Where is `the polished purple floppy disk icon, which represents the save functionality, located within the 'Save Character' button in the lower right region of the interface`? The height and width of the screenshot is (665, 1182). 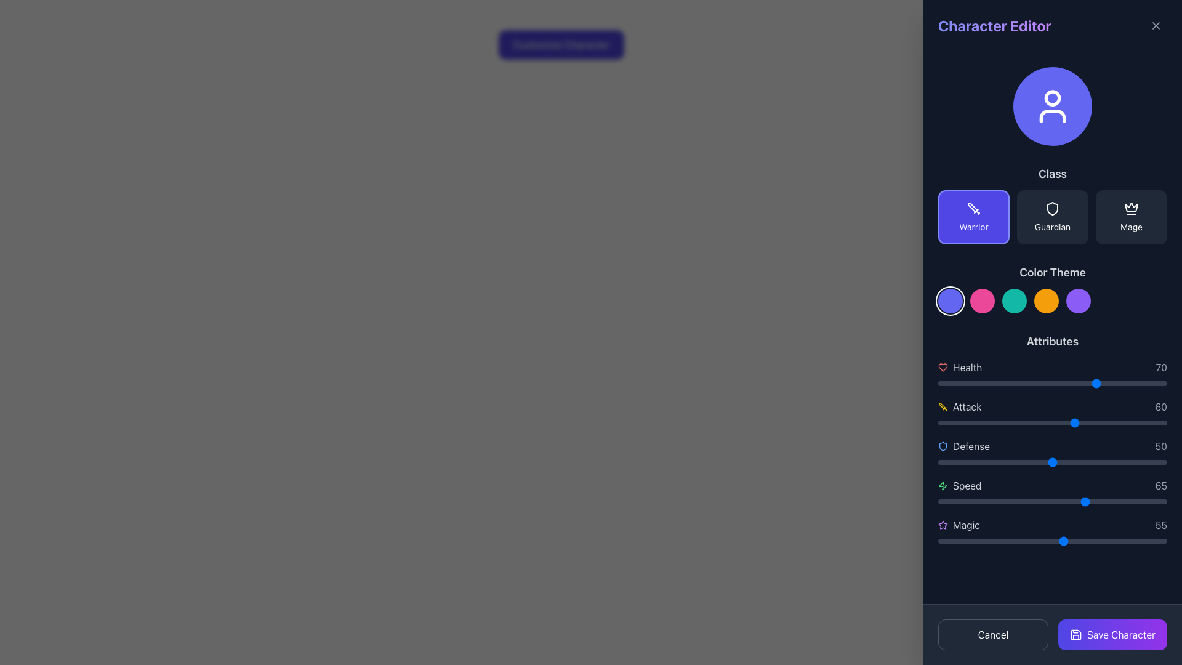 the polished purple floppy disk icon, which represents the save functionality, located within the 'Save Character' button in the lower right region of the interface is located at coordinates (1075, 634).